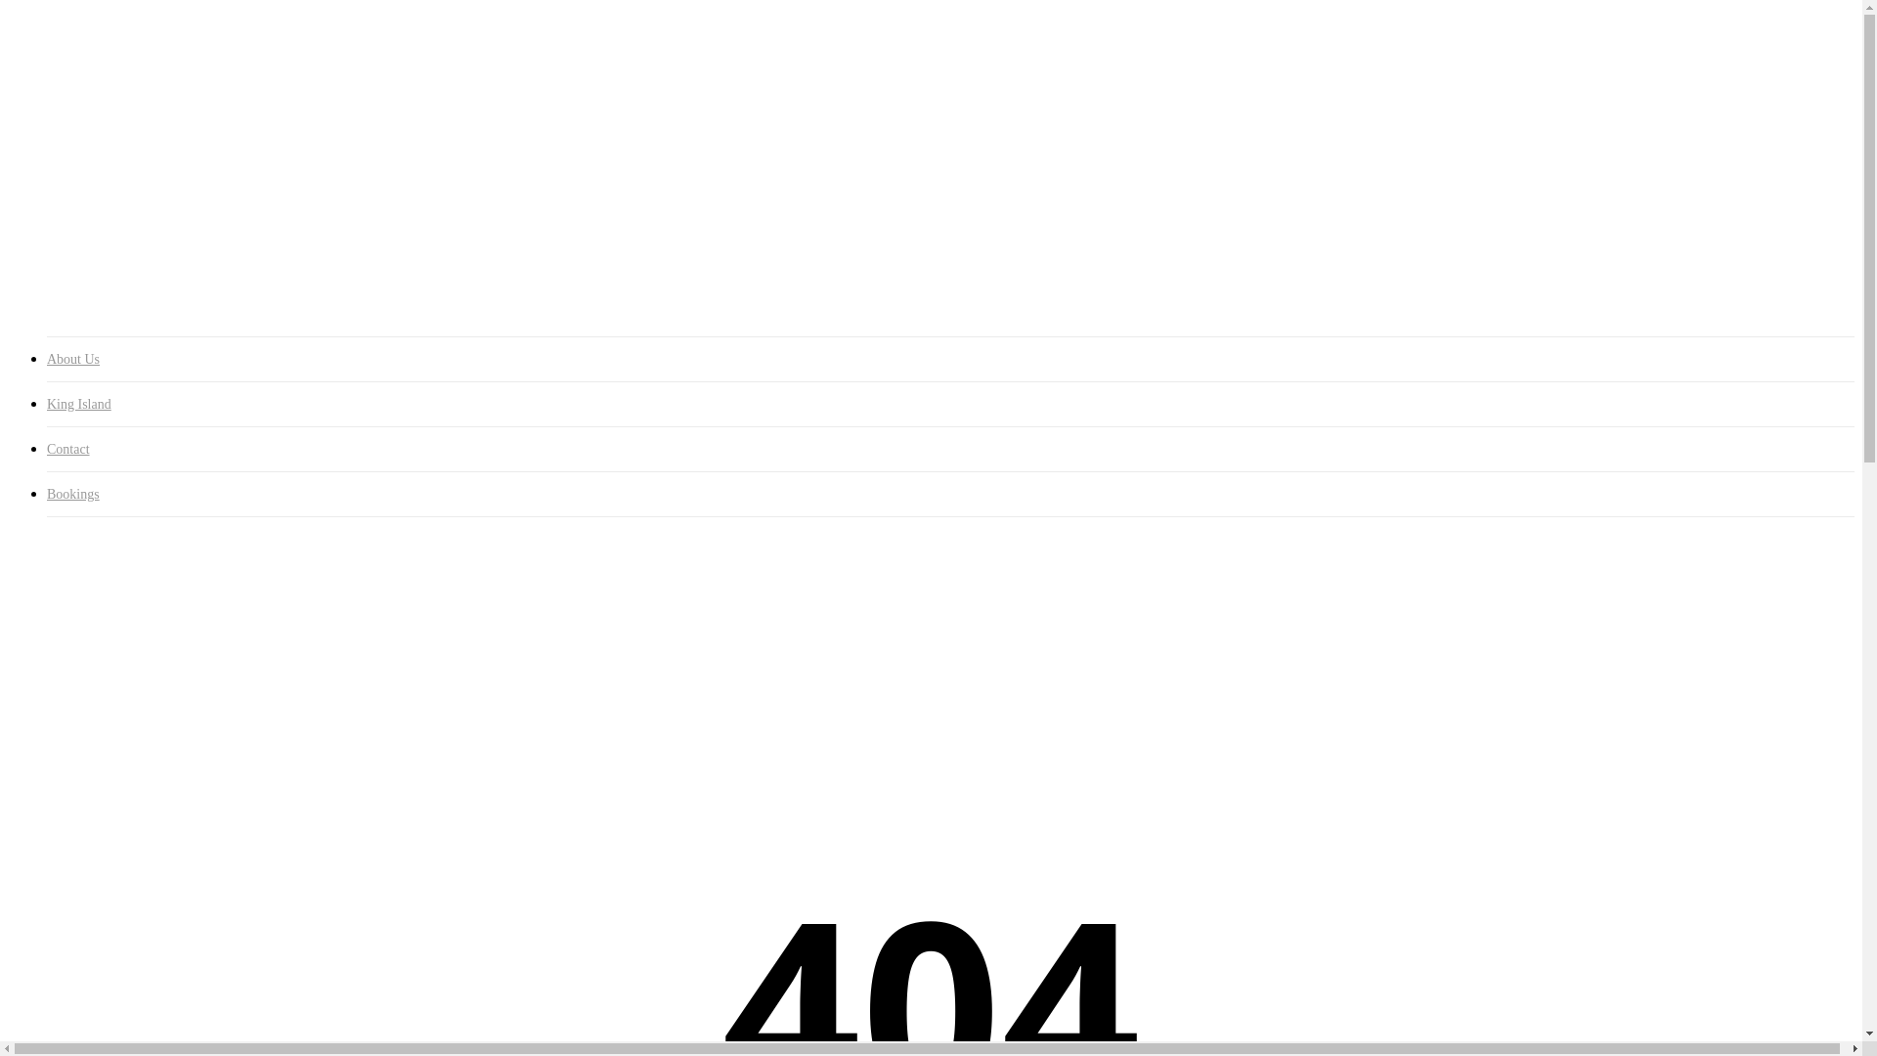 Image resolution: width=1877 pixels, height=1056 pixels. I want to click on 'Amenities & Inclusions', so click(159, 137).